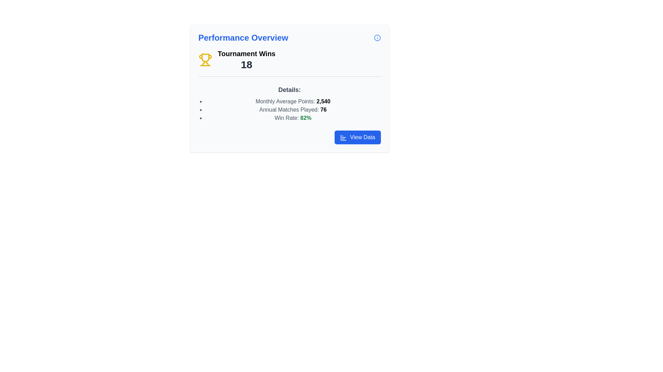 Image resolution: width=663 pixels, height=372 pixels. Describe the element at coordinates (243, 38) in the screenshot. I see `'Performance Overview' text label which is prominently displayed in bold, blue font at the top-left corner of the performance metrics card` at that location.